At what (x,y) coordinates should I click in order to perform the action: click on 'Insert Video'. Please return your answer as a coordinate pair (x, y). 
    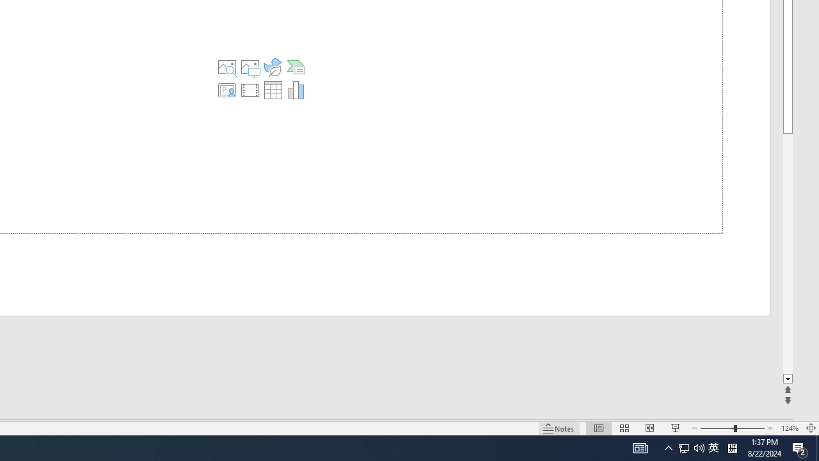
    Looking at the image, I should click on (250, 90).